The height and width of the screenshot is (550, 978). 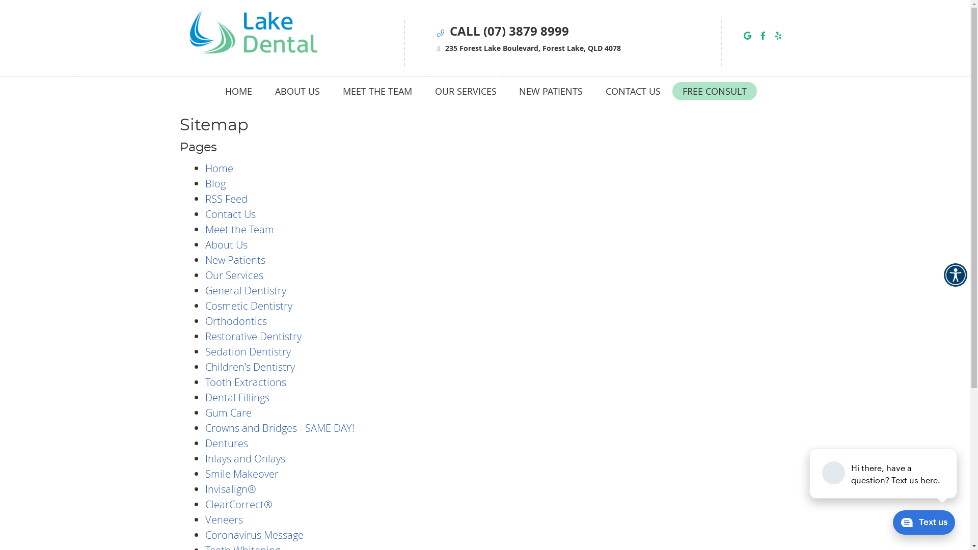 I want to click on 'Our Services', so click(x=233, y=275).